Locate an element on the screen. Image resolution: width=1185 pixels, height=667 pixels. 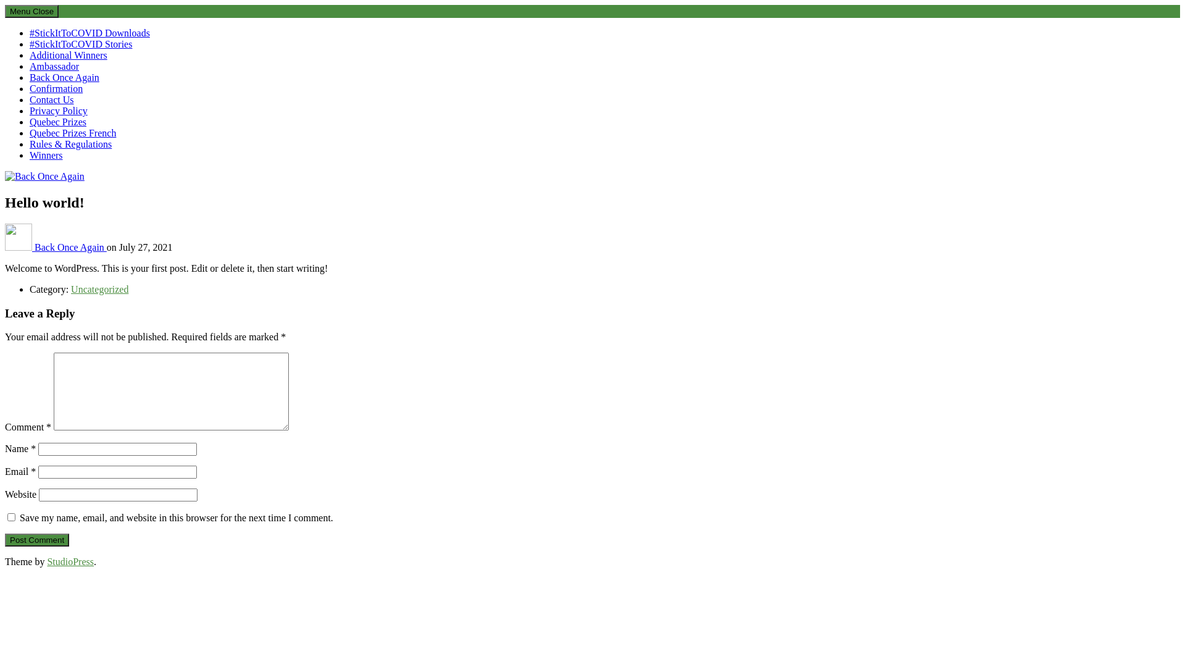
'Quebec Prizes' is located at coordinates (30, 122).